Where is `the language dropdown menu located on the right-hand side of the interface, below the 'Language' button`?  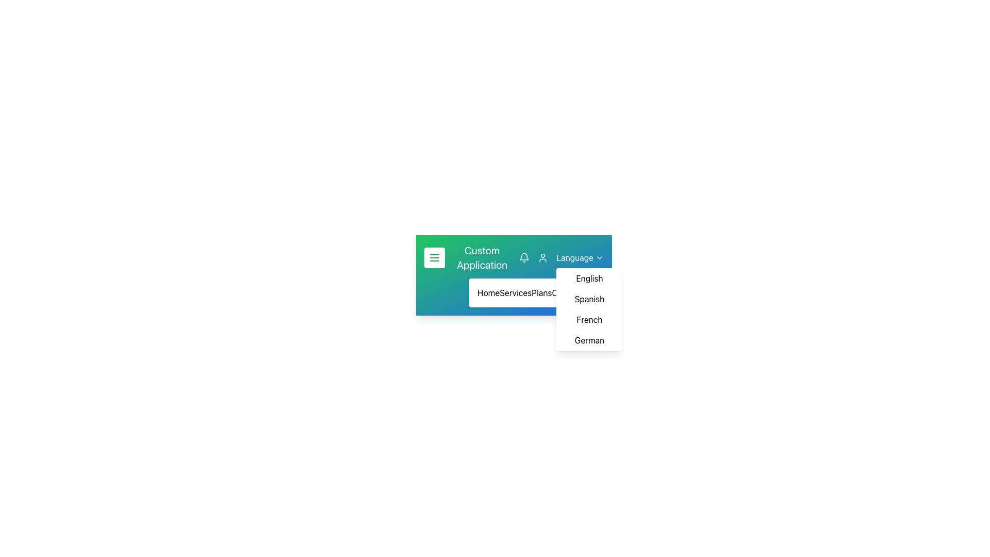 the language dropdown menu located on the right-hand side of the interface, below the 'Language' button is located at coordinates (589, 309).